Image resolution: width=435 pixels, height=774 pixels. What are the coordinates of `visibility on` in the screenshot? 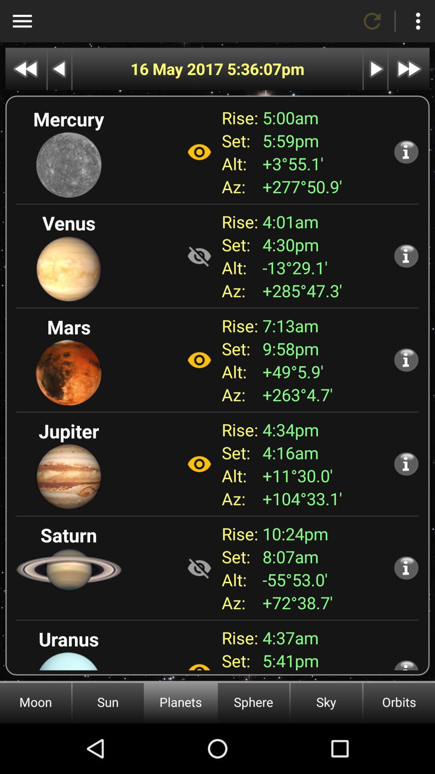 It's located at (199, 152).